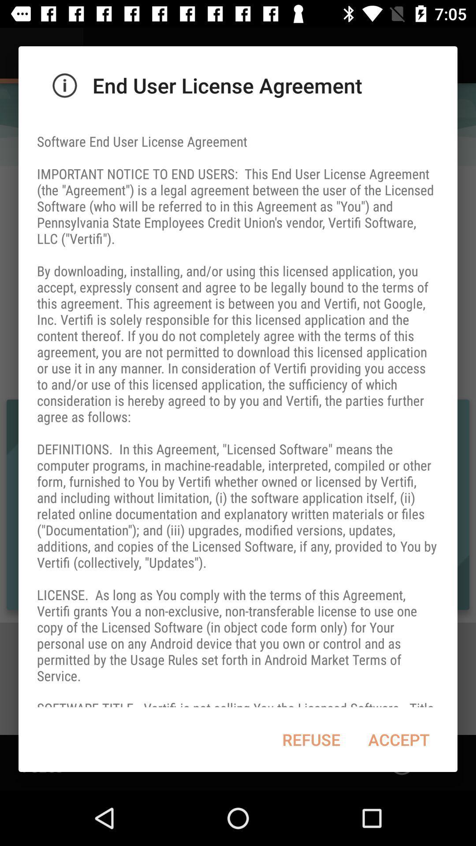  Describe the element at coordinates (399, 739) in the screenshot. I see `accept at the bottom right corner` at that location.